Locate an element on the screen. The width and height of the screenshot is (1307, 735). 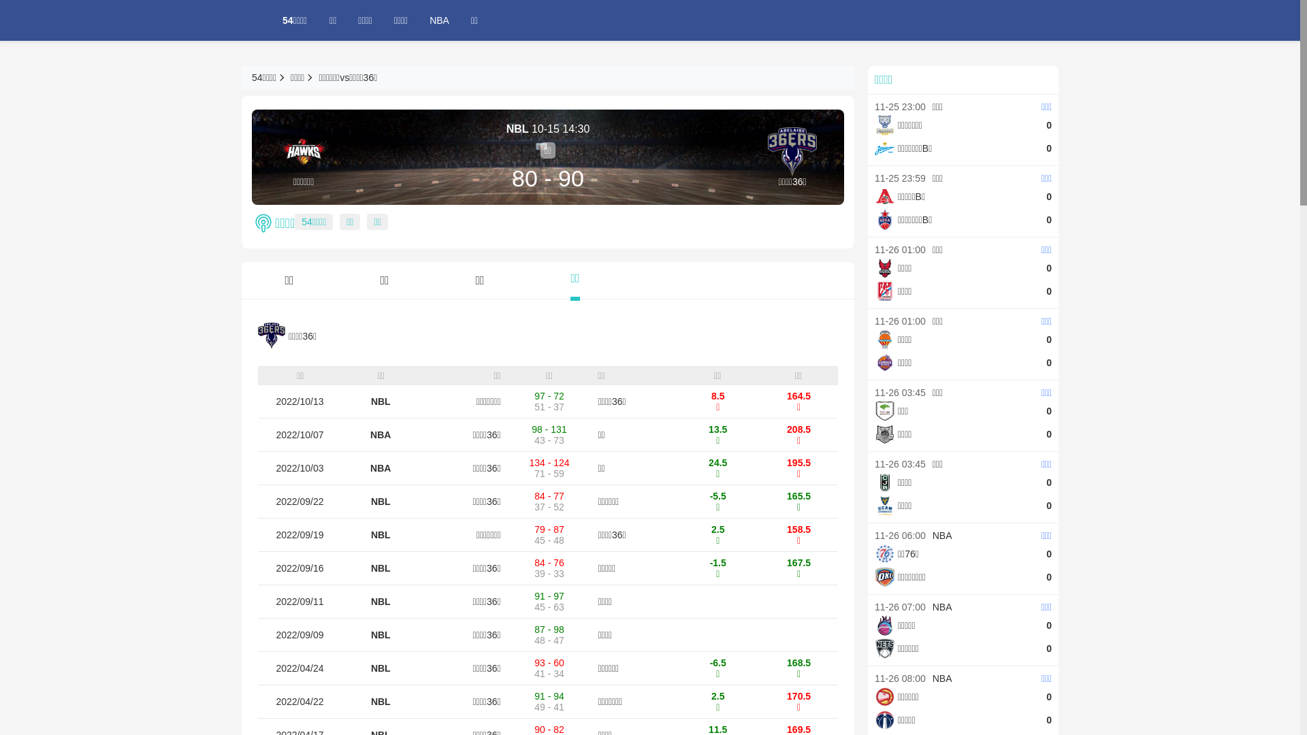
'NBL' is located at coordinates (381, 401).